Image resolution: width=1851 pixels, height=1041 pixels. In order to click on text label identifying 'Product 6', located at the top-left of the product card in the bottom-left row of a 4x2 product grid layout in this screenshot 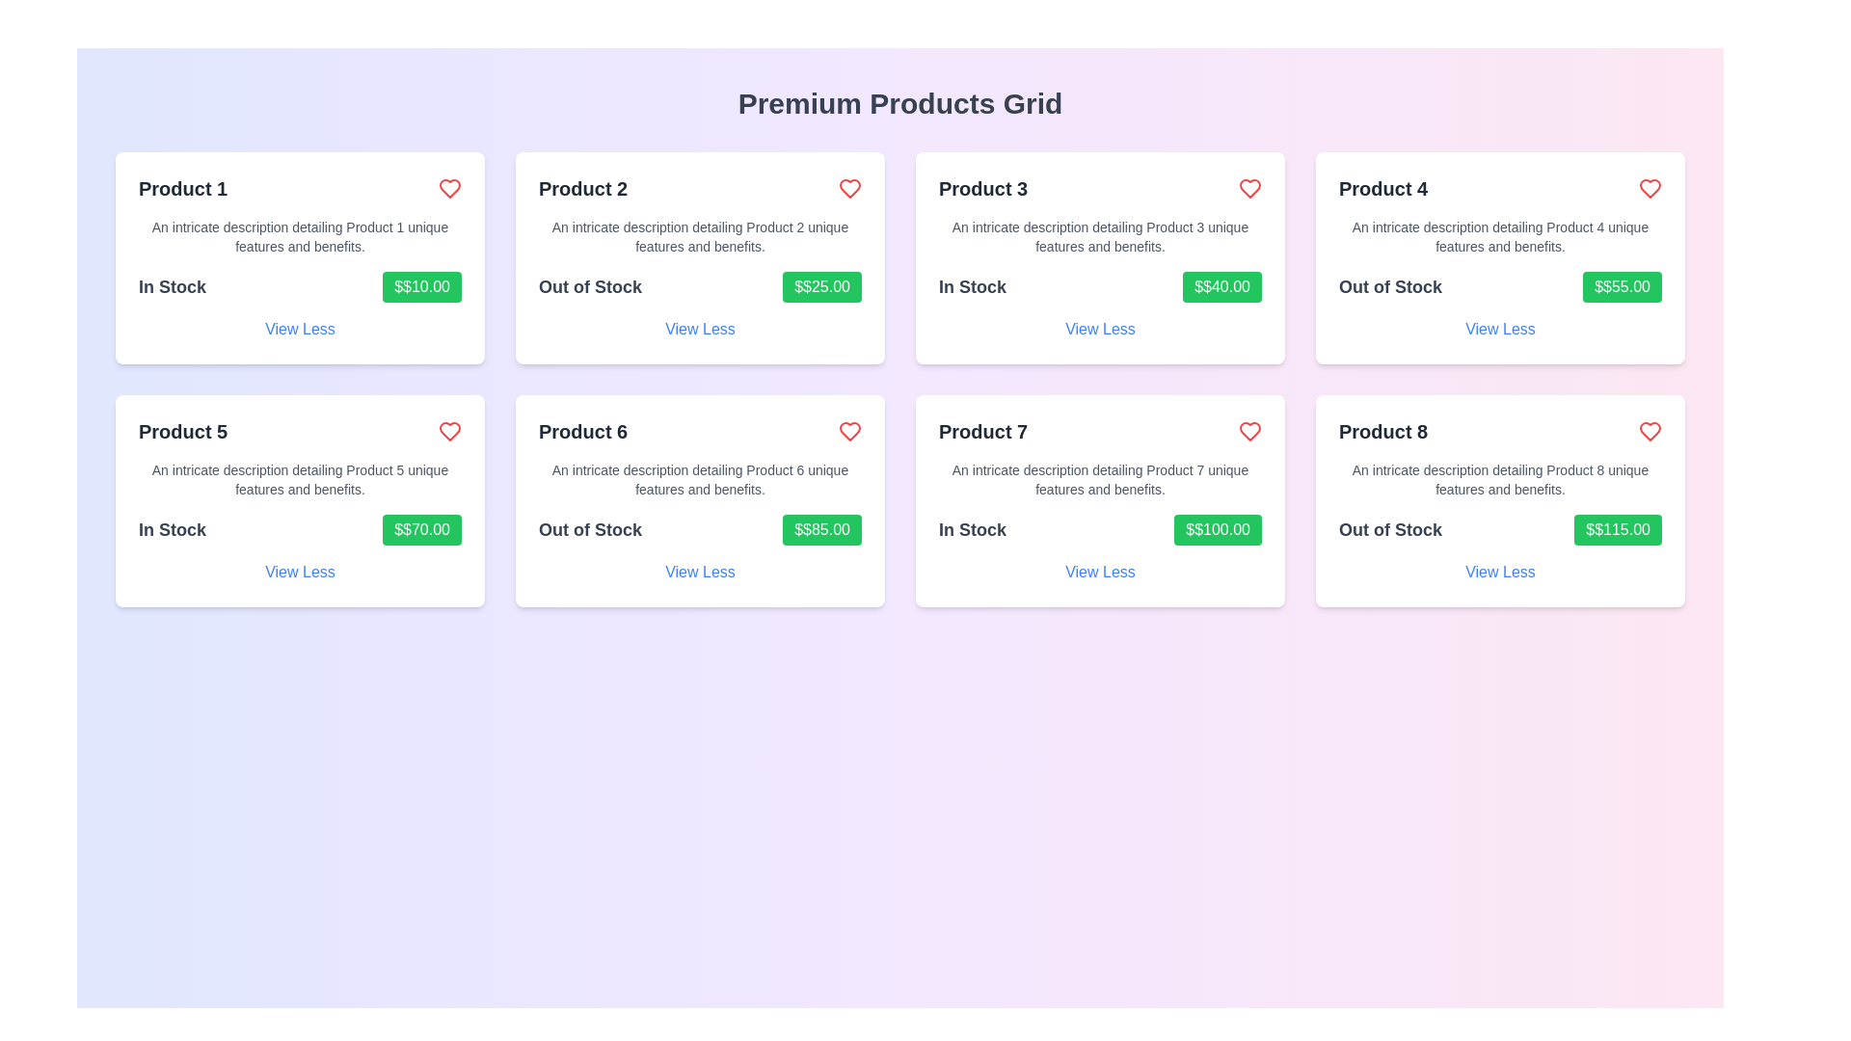, I will do `click(582, 430)`.